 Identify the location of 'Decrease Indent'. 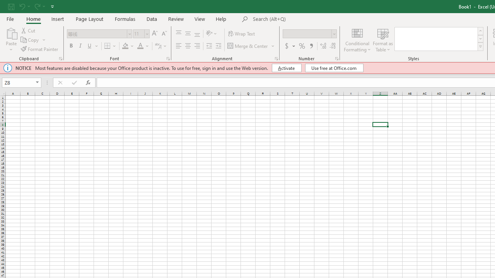
(209, 46).